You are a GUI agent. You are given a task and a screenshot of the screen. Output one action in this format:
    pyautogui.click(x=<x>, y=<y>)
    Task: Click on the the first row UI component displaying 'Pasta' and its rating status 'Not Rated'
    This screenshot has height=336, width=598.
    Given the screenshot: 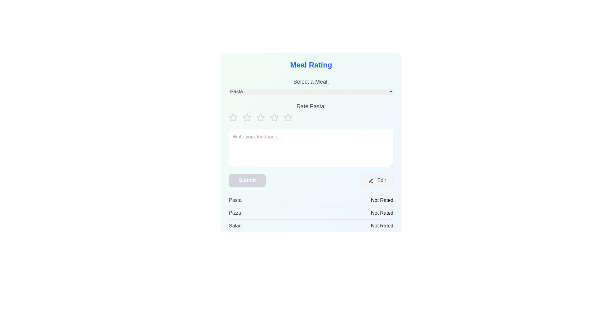 What is the action you would take?
    pyautogui.click(x=311, y=200)
    